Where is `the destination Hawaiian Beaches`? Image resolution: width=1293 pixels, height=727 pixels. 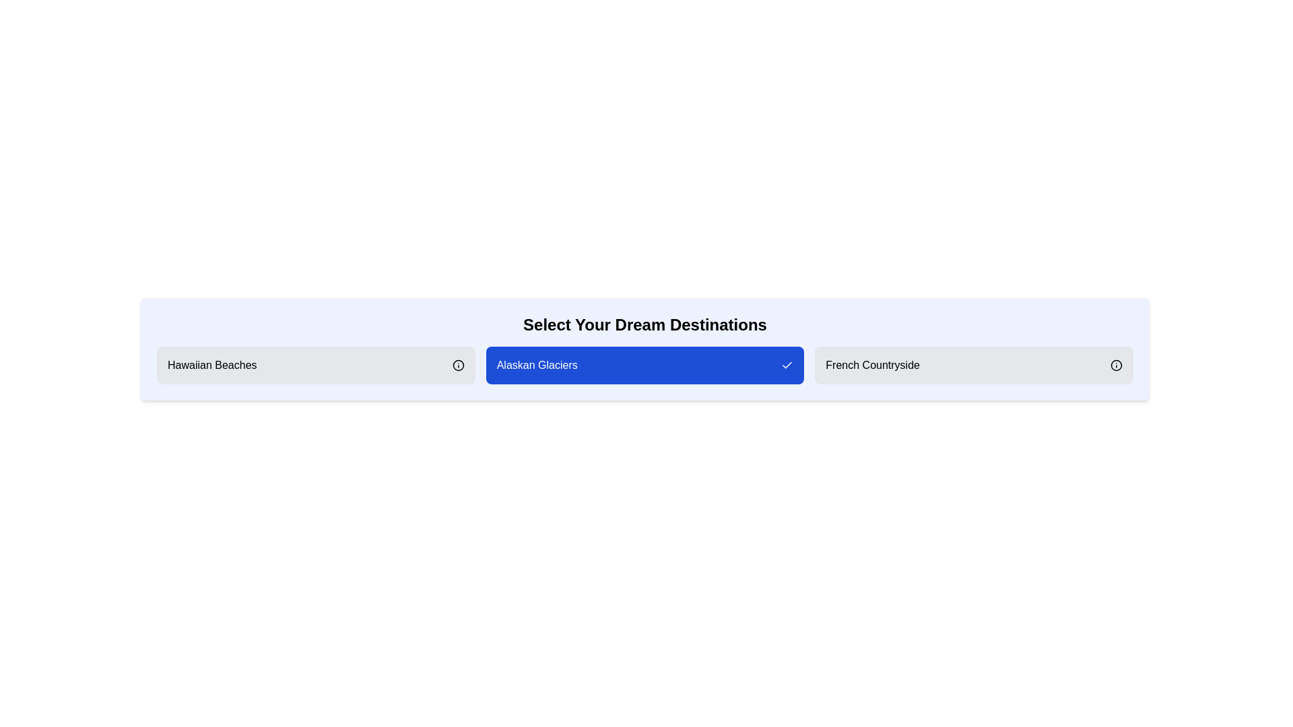
the destination Hawaiian Beaches is located at coordinates (315, 366).